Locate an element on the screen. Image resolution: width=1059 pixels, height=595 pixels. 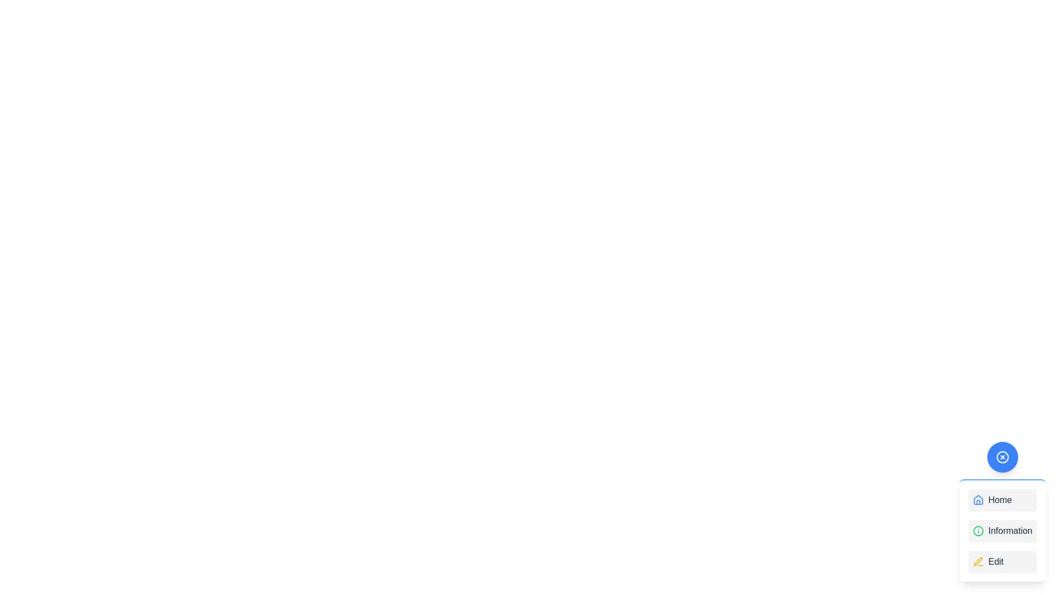
the 'Information' button located between the 'Home' and 'Edit' buttons is located at coordinates (1003, 531).